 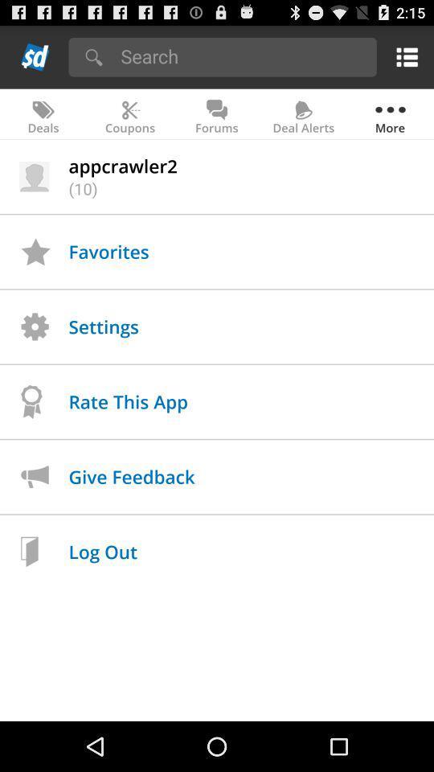 I want to click on app above coupons icon, so click(x=243, y=55).